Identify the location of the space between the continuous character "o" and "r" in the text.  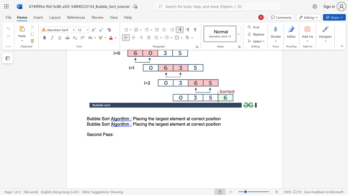
(107, 124).